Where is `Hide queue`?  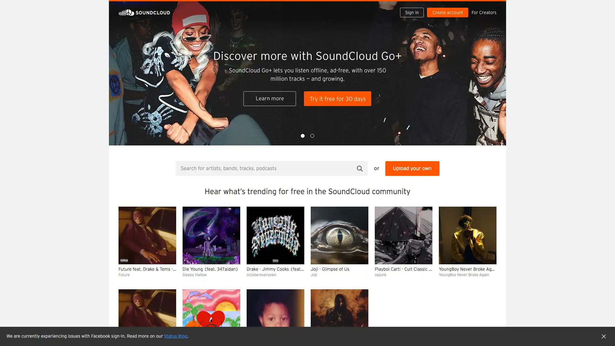
Hide queue is located at coordinates (492, 175).